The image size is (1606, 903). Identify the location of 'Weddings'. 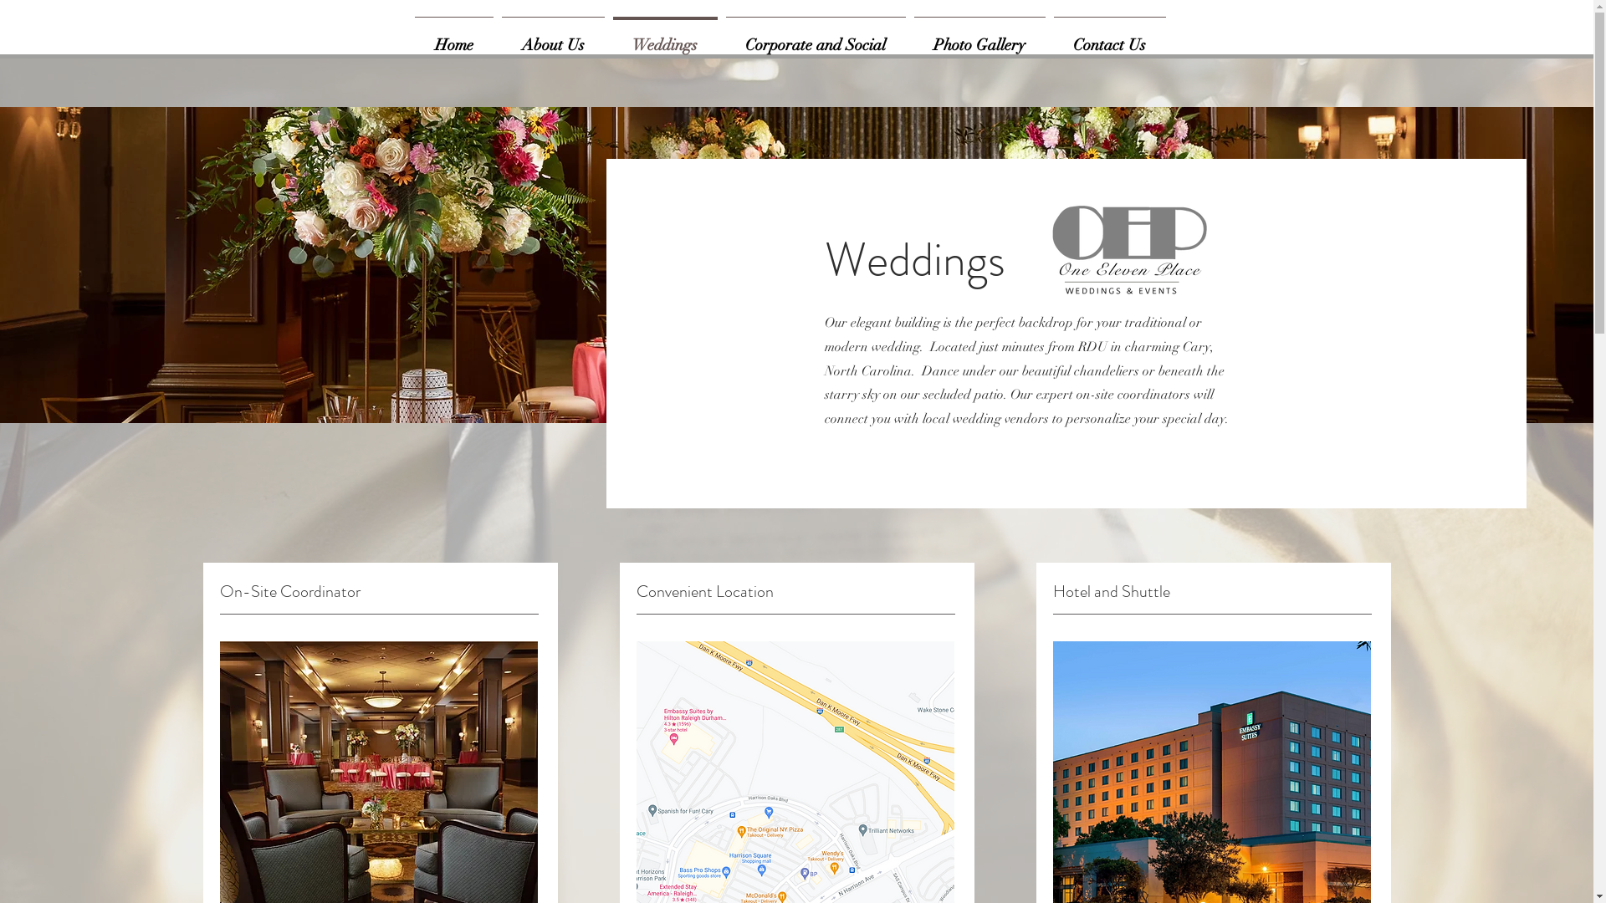
(664, 38).